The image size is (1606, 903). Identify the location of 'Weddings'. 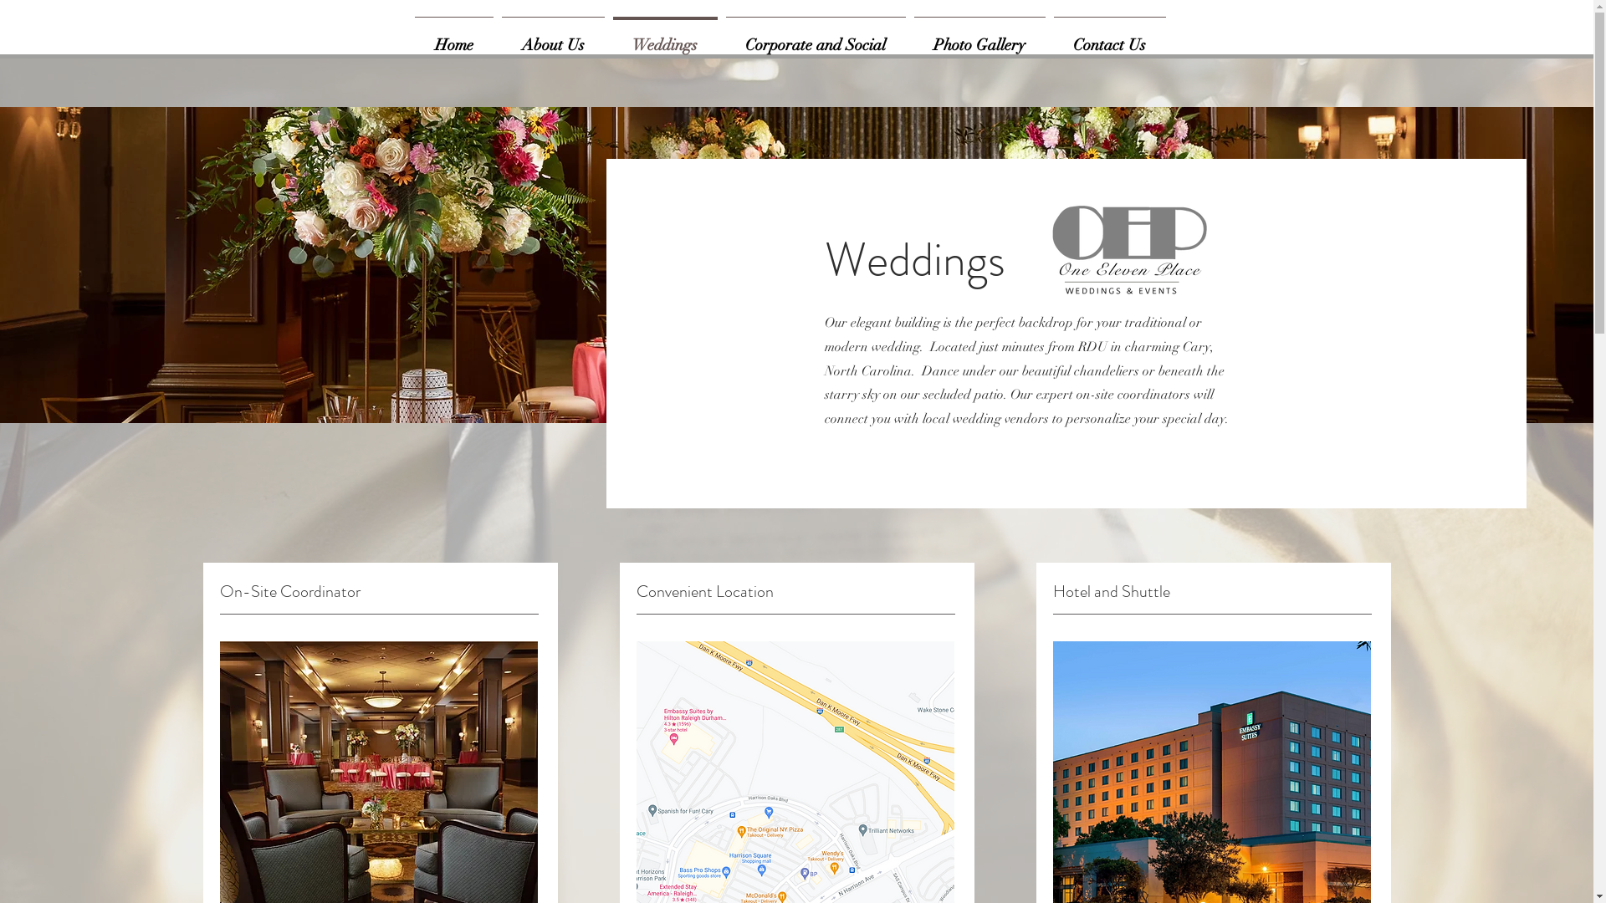
(664, 38).